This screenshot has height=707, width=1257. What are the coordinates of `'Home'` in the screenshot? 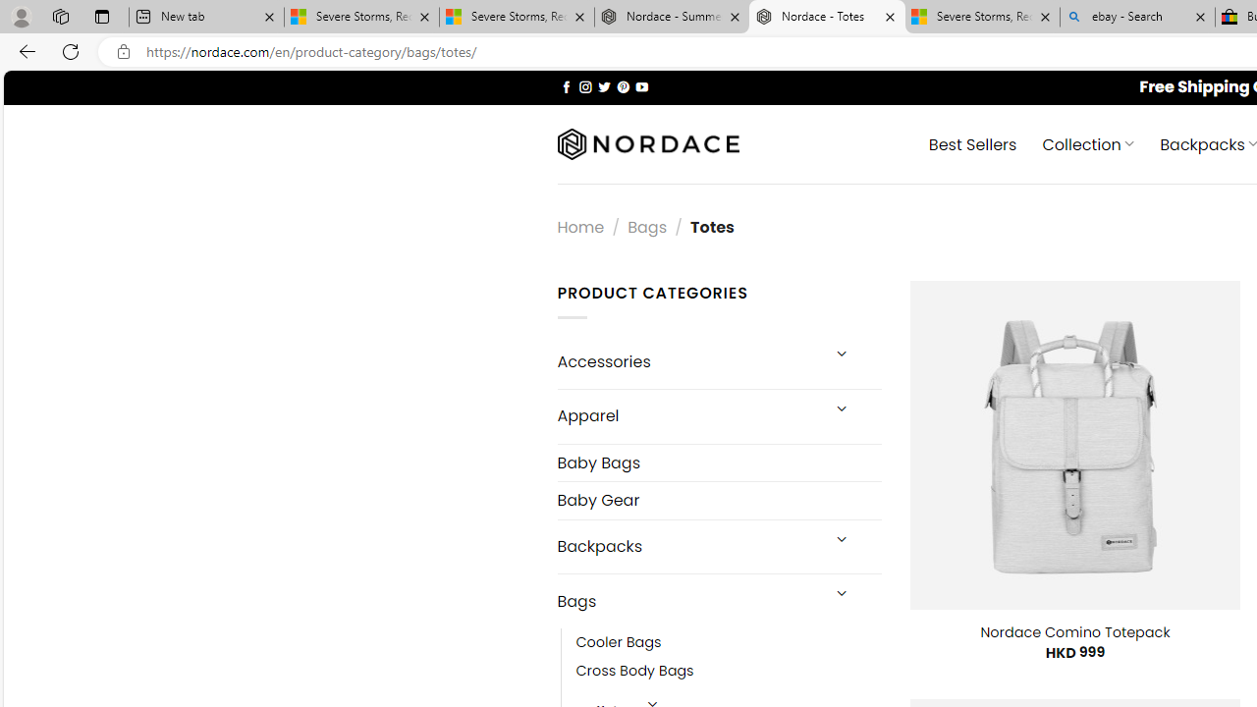 It's located at (579, 226).